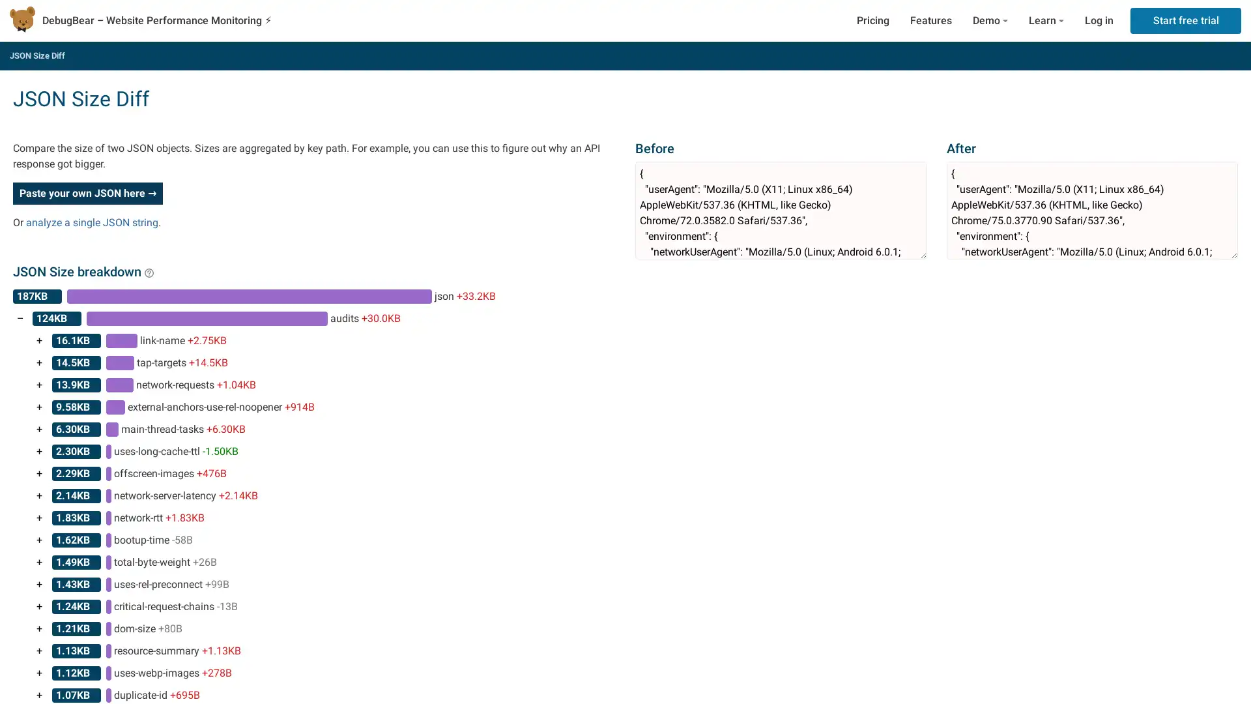 Image resolution: width=1251 pixels, height=704 pixels. I want to click on +, so click(39, 517).